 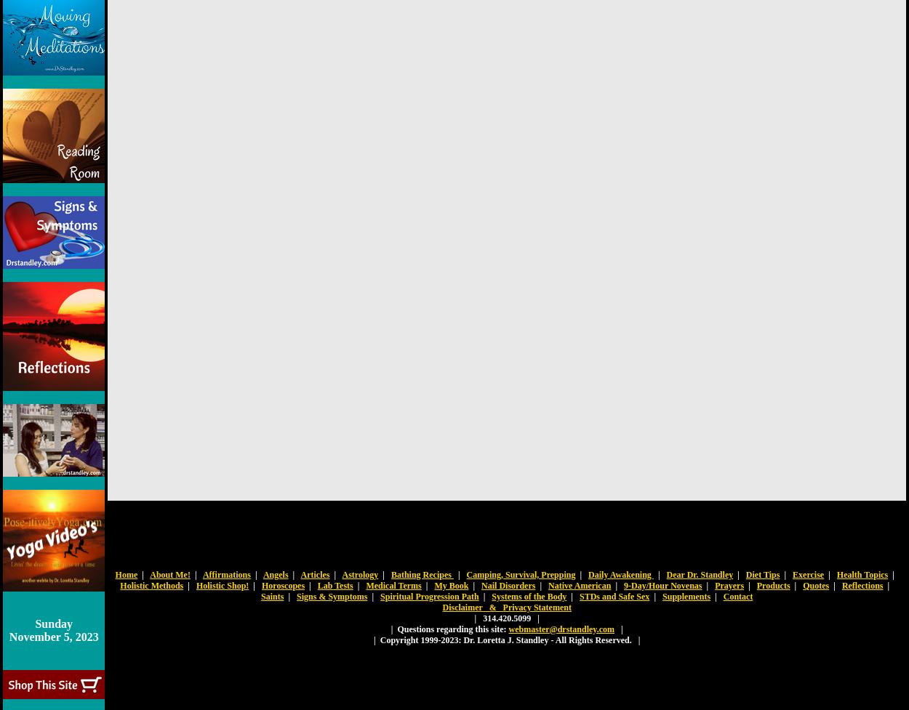 What do you see at coordinates (528, 594) in the screenshot?
I see `'Systems of the Body'` at bounding box center [528, 594].